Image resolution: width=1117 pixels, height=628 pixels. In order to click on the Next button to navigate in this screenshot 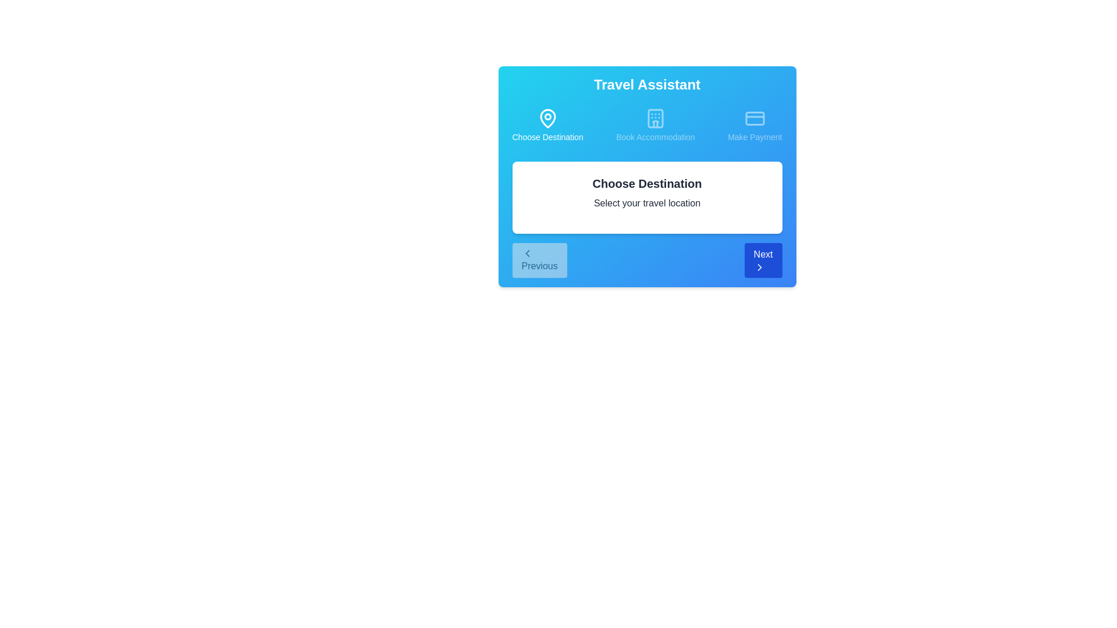, I will do `click(763, 259)`.